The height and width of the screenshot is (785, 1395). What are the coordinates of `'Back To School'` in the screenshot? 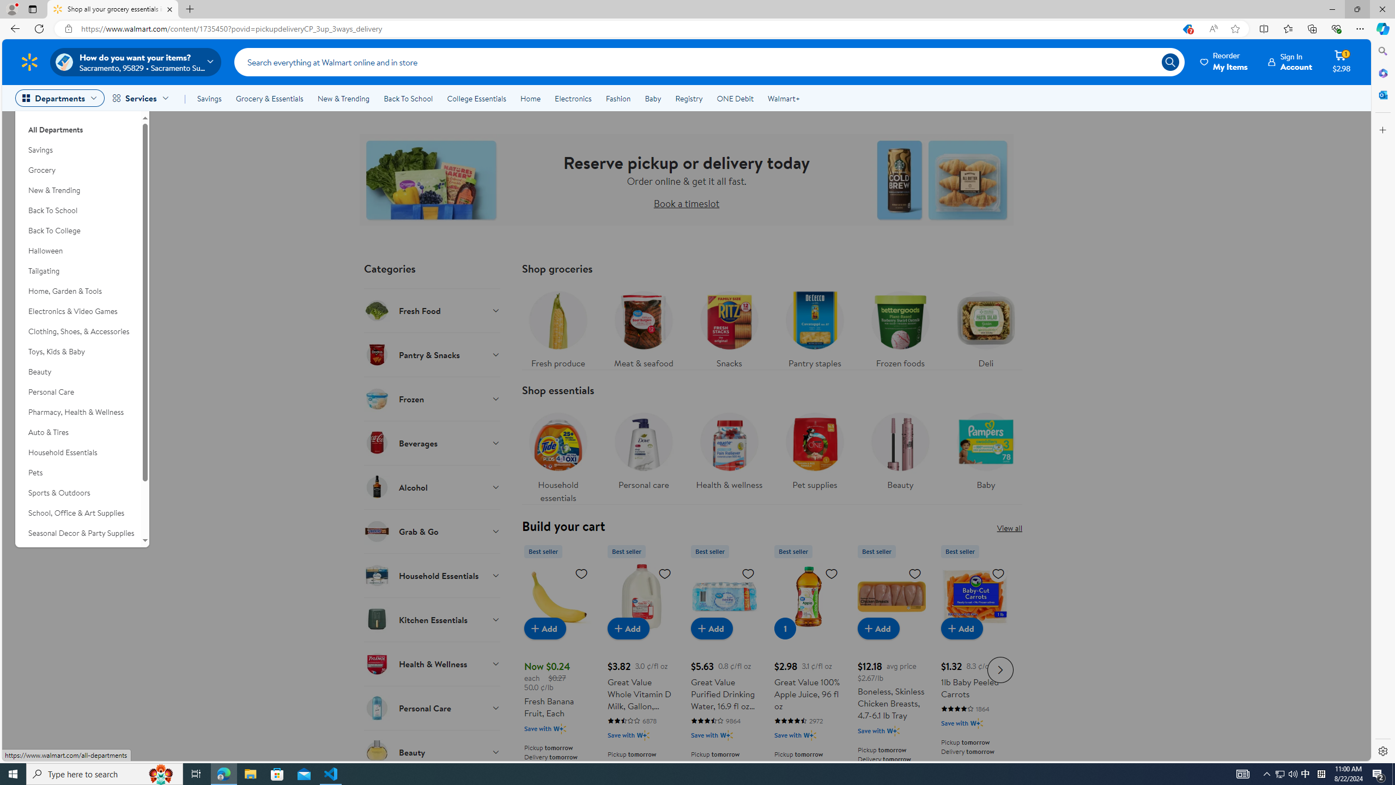 It's located at (407, 98).